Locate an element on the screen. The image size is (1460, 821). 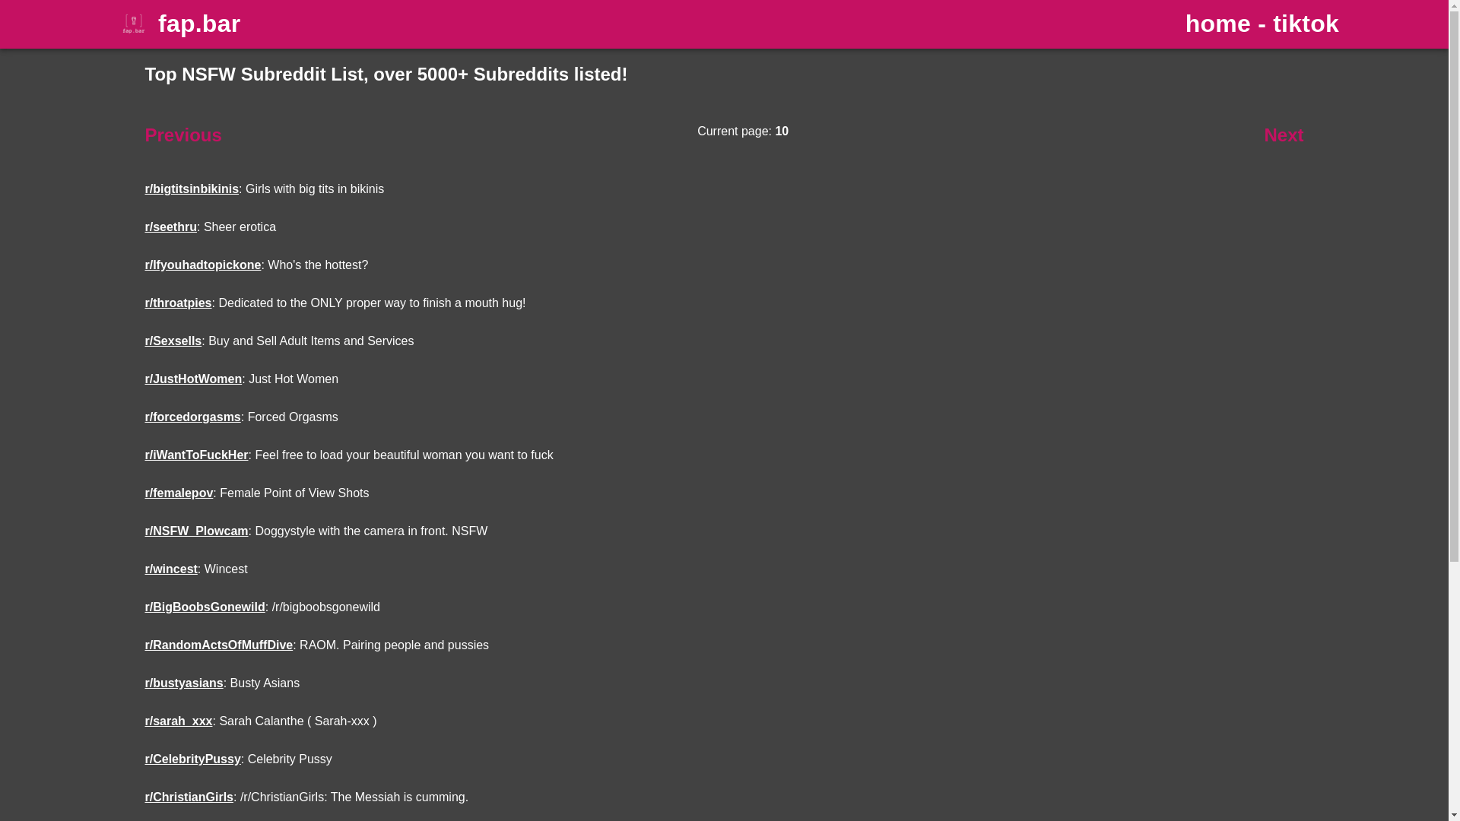
'r/throatpies' is located at coordinates (178, 303).